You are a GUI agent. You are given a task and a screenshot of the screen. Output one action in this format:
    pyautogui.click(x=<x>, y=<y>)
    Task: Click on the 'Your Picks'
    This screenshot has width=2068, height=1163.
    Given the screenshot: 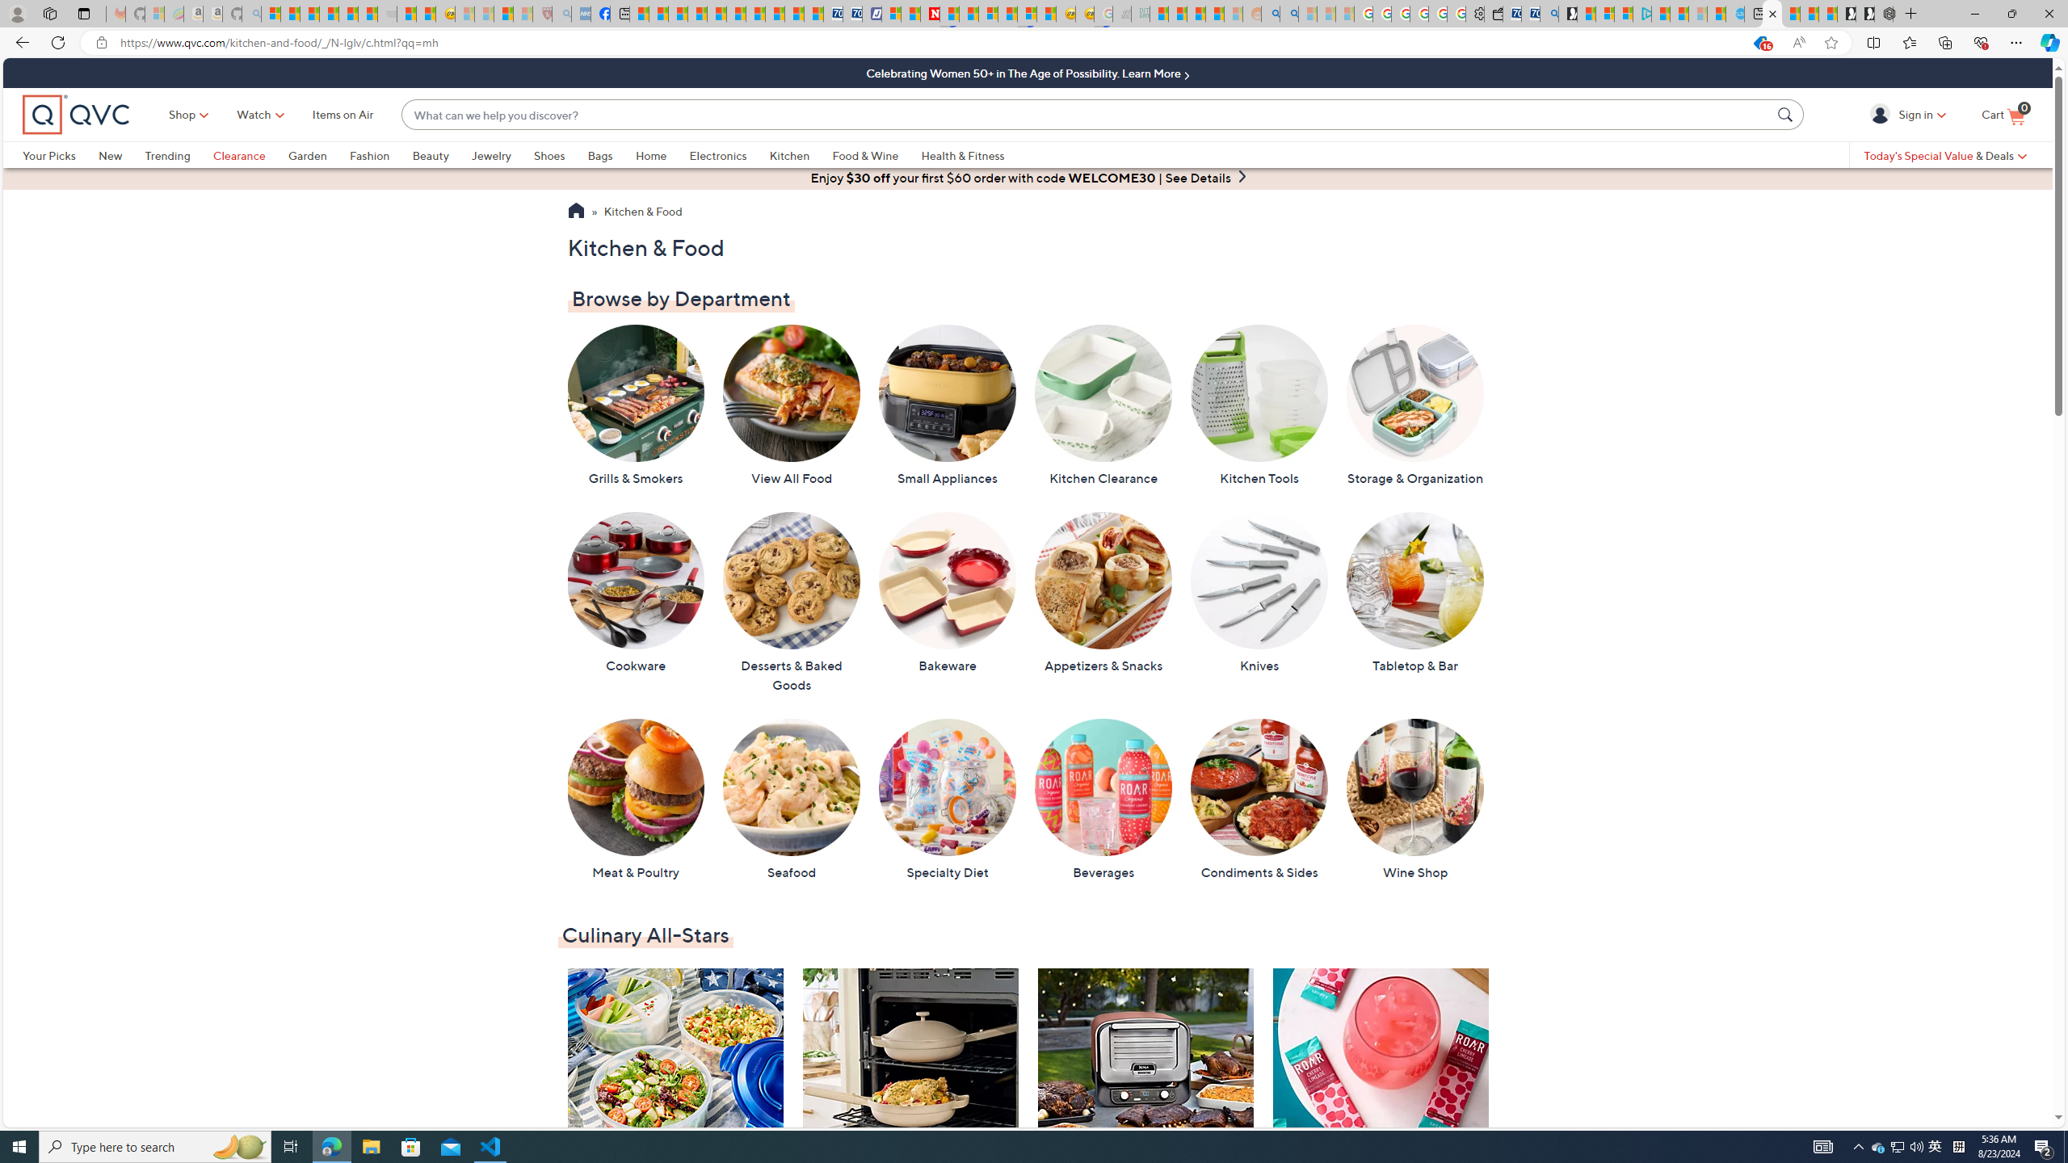 What is the action you would take?
    pyautogui.click(x=49, y=154)
    